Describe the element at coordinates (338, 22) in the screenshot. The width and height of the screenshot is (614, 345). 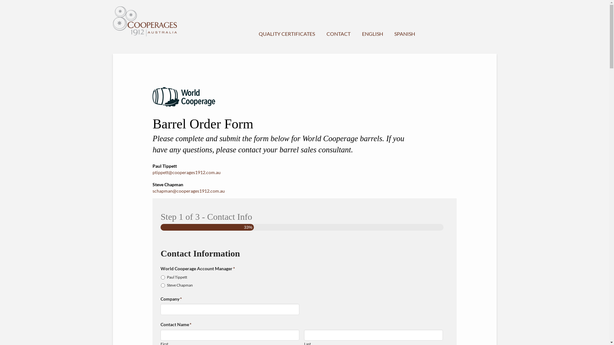
I see `'CONTACT'` at that location.